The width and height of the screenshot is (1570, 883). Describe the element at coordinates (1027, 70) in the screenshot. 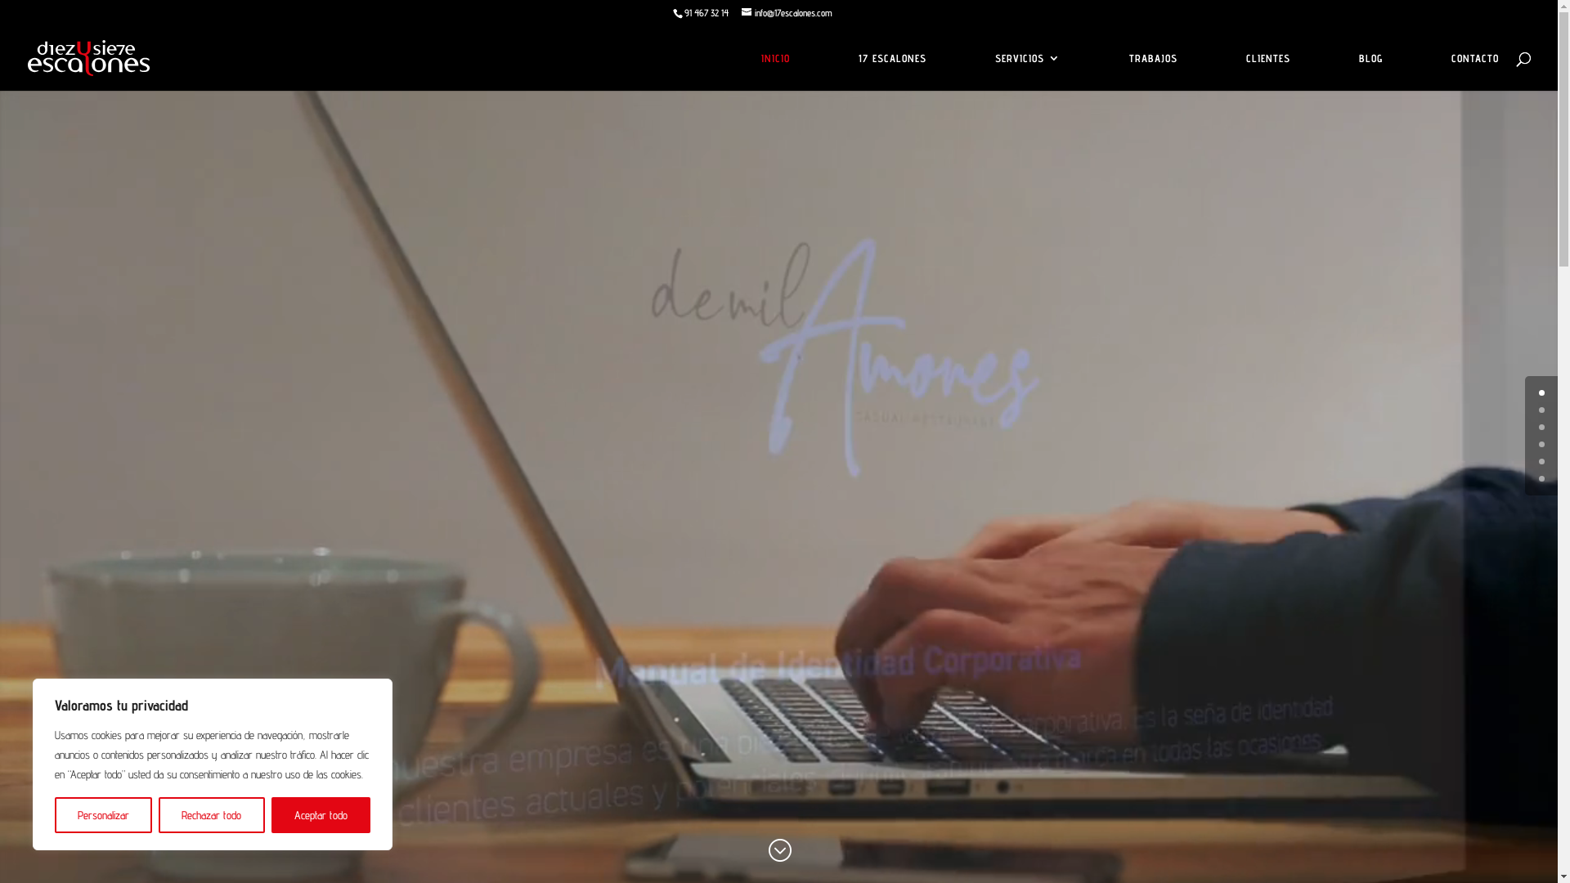

I see `'SERVICIOS'` at that location.